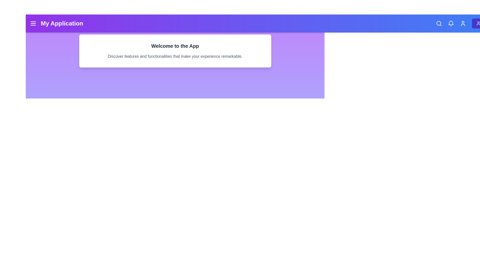 The width and height of the screenshot is (480, 270). I want to click on the search icon to initiate a search action, so click(438, 23).